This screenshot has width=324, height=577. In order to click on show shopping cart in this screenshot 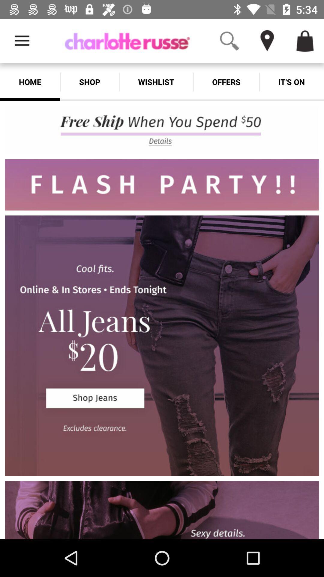, I will do `click(305, 41)`.